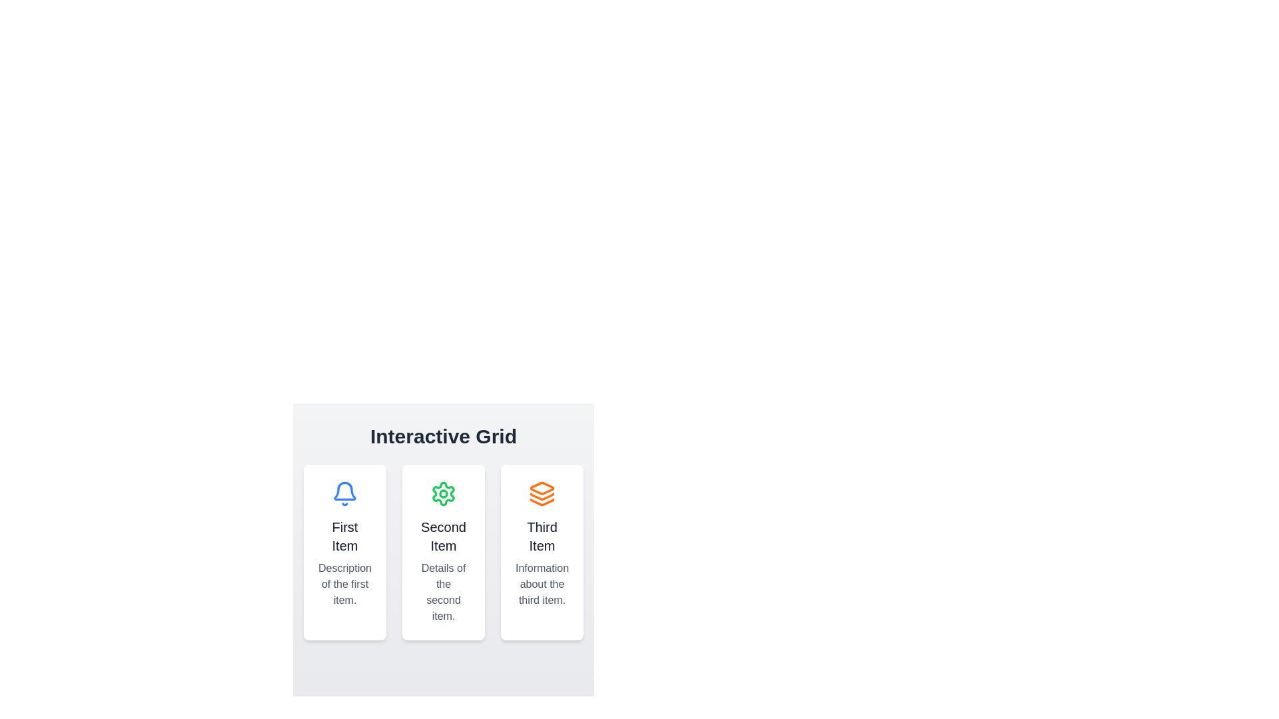 This screenshot has width=1279, height=719. I want to click on the second Information Card in the horizontal grid layout, so click(444, 552).